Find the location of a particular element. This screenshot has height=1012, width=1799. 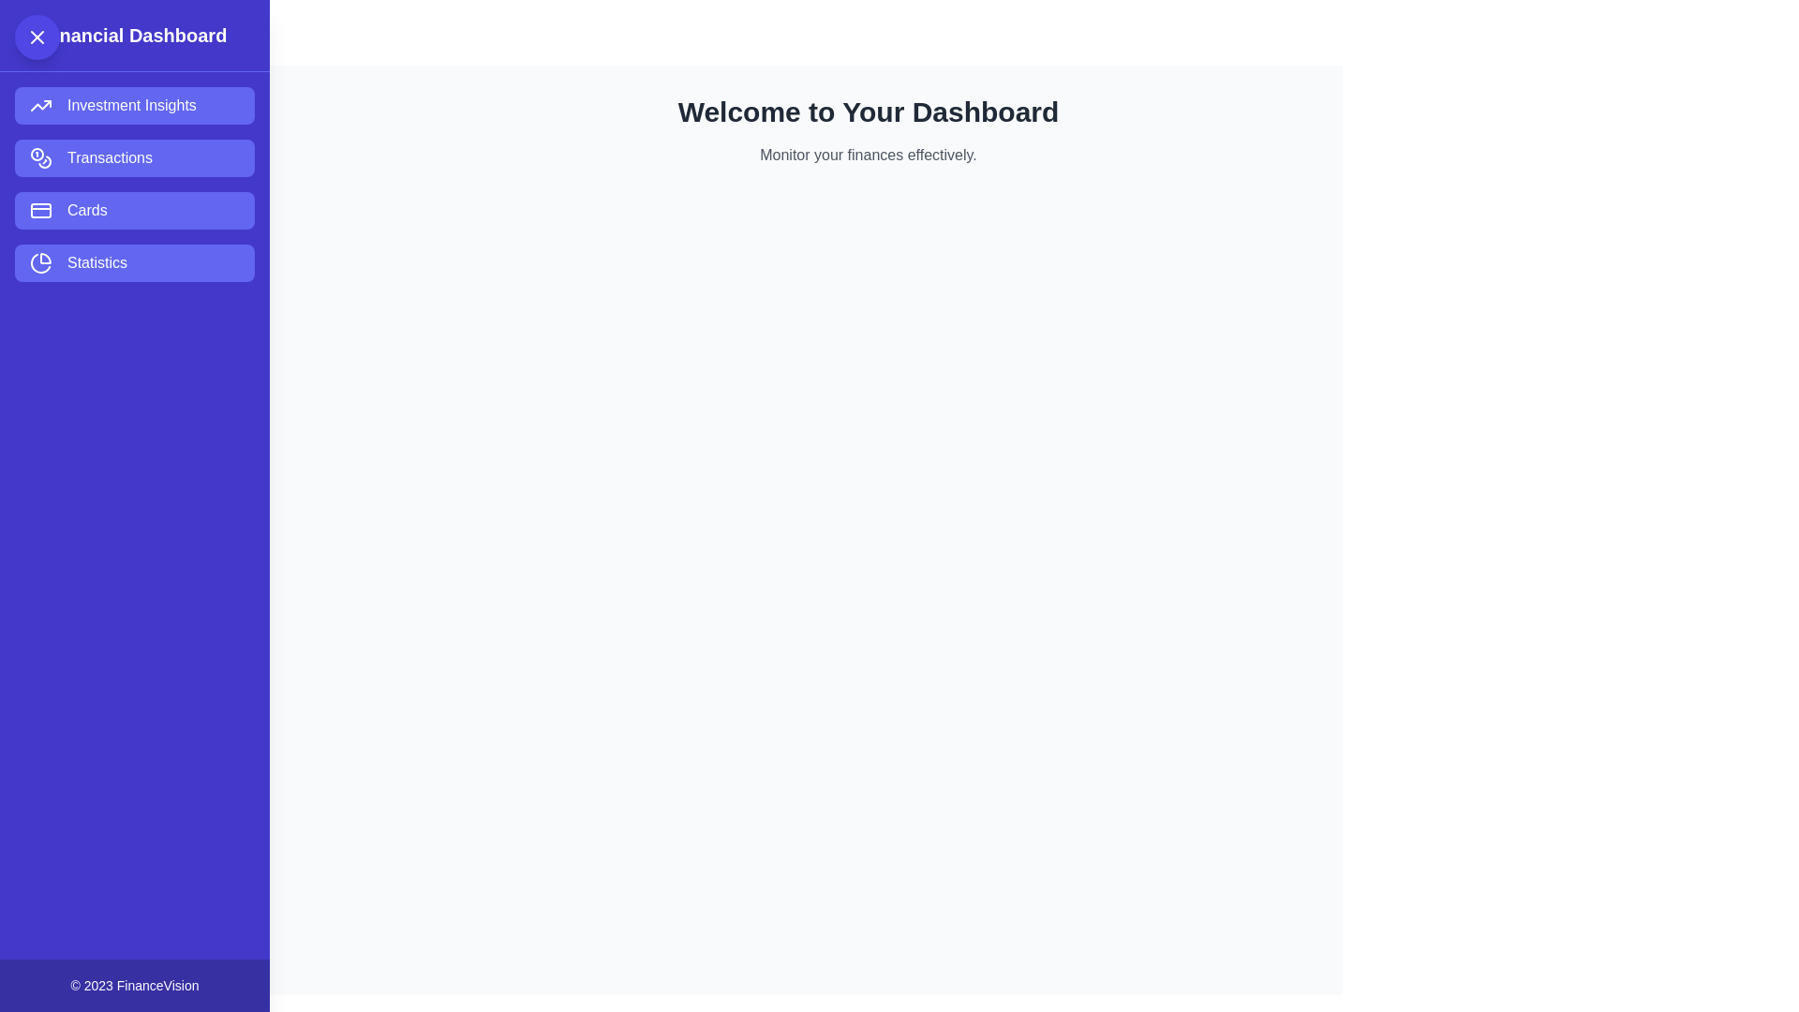

the 'Investment Insights' button located in the sidebar menu is located at coordinates (130, 105).